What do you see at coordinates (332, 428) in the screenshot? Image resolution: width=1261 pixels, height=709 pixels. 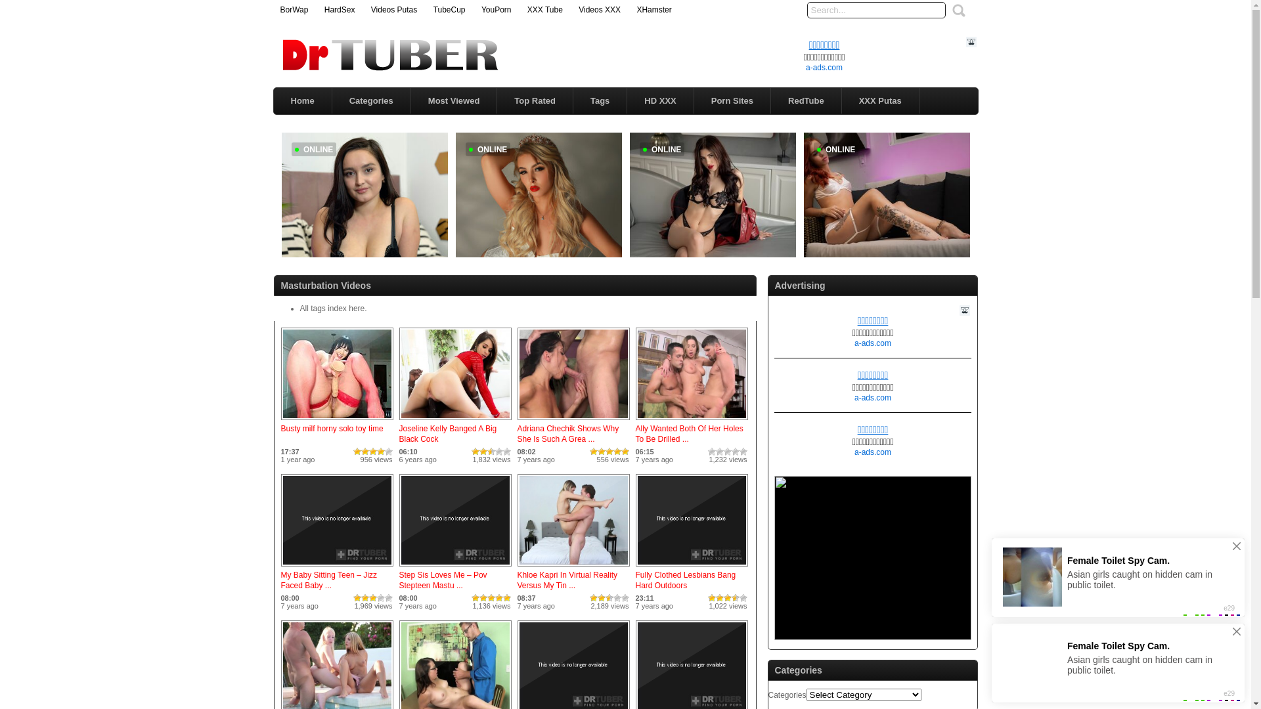 I see `'Busty milf horny solo toy time'` at bounding box center [332, 428].